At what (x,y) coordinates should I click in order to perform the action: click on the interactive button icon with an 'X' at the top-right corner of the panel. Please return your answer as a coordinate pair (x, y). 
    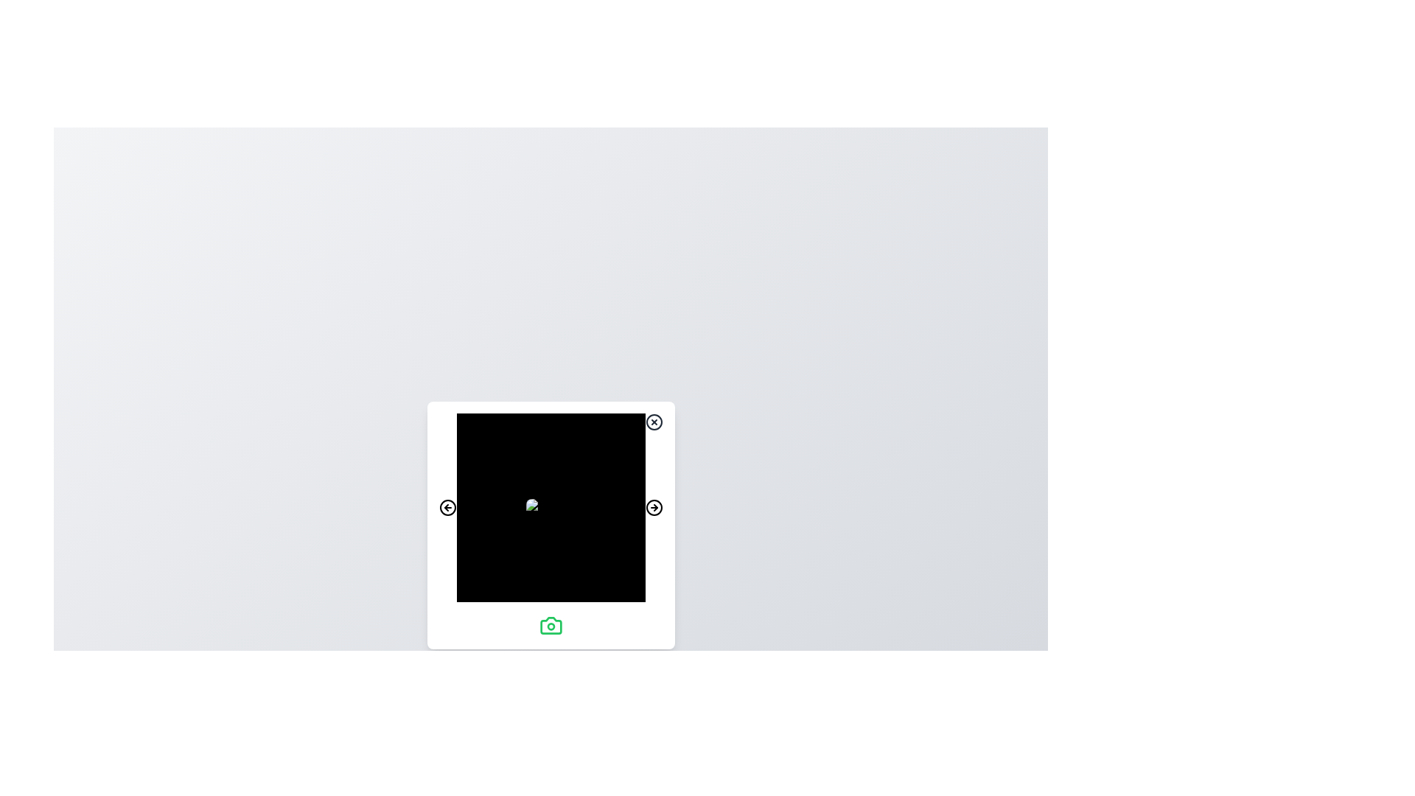
    Looking at the image, I should click on (653, 422).